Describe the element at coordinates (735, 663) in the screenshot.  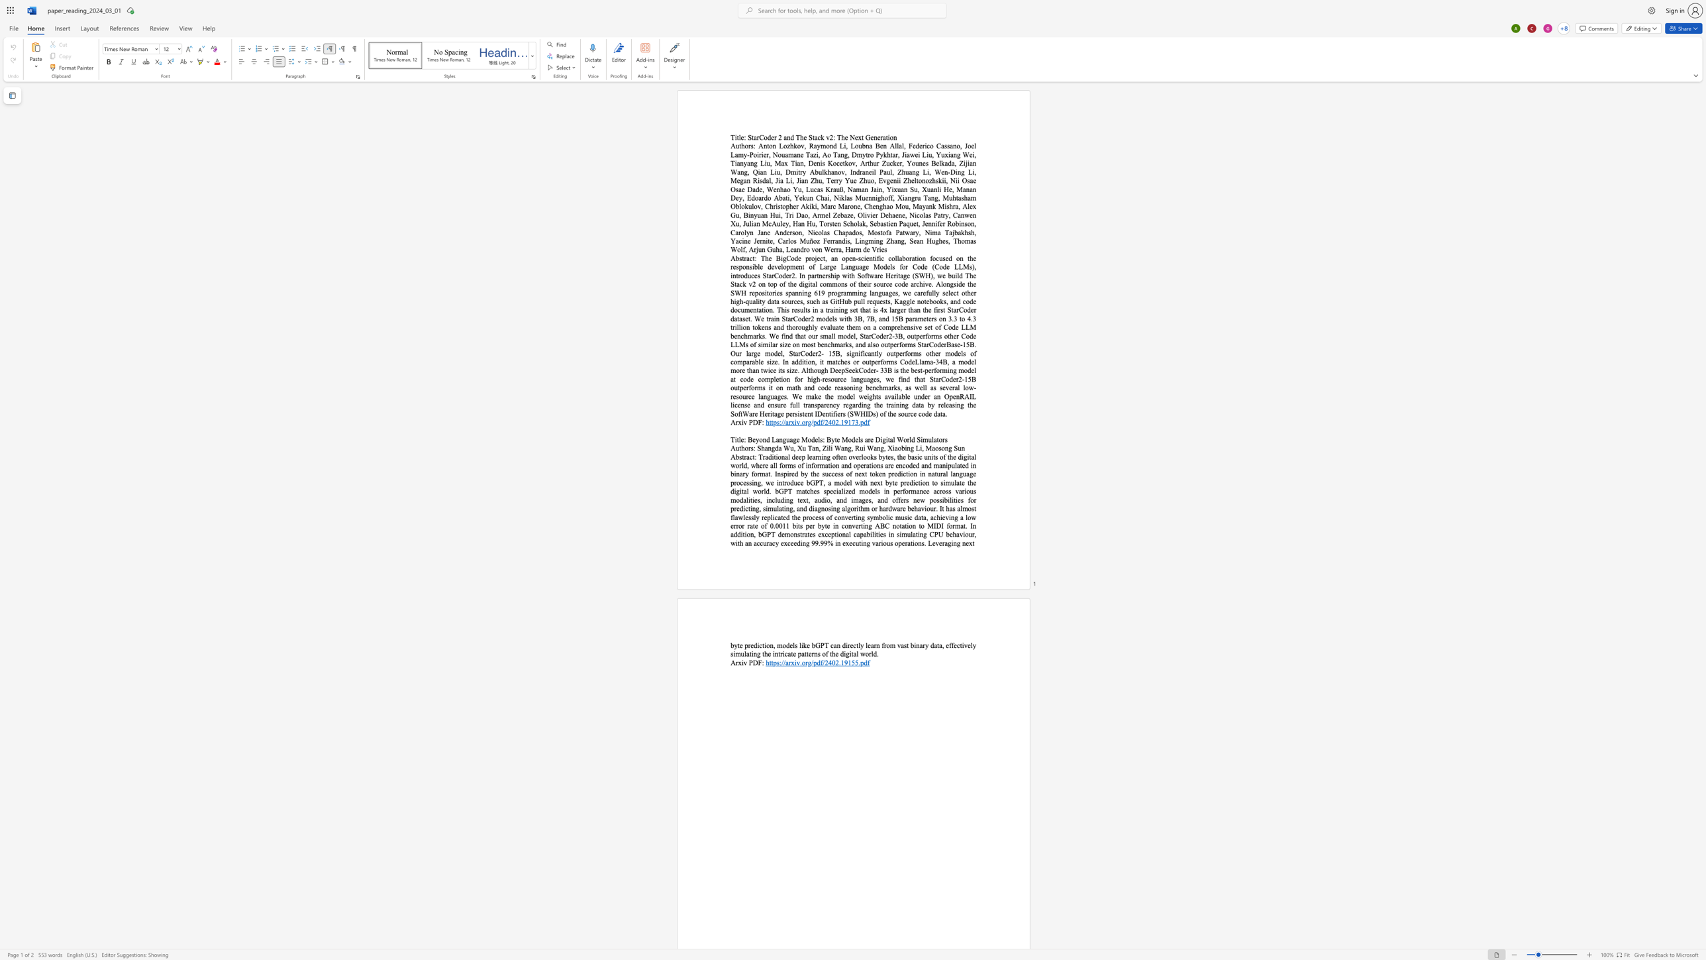
I see `the space between the continuous character "A" and "r" in the text` at that location.